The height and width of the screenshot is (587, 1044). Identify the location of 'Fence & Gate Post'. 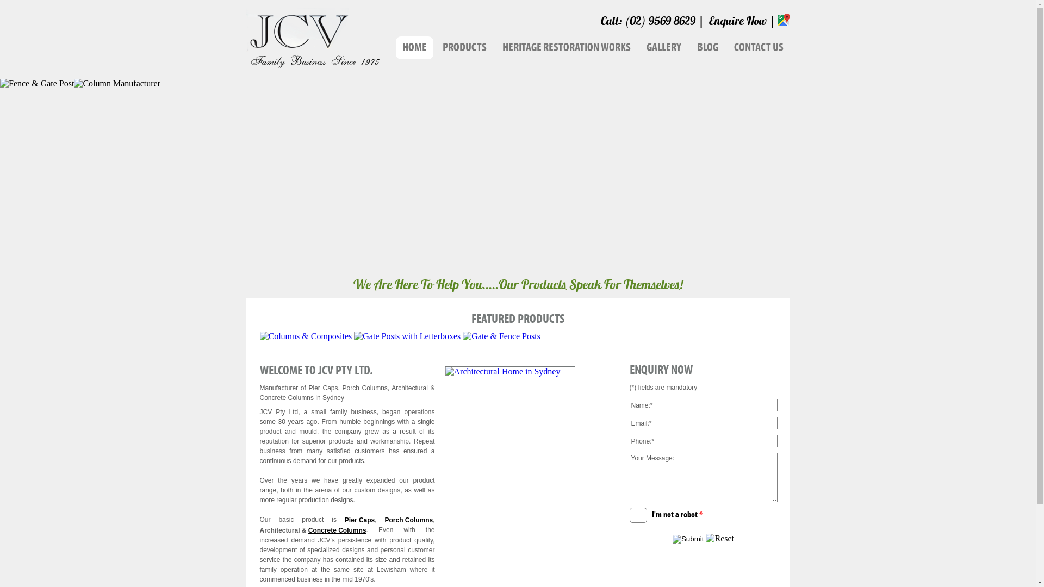
(36, 83).